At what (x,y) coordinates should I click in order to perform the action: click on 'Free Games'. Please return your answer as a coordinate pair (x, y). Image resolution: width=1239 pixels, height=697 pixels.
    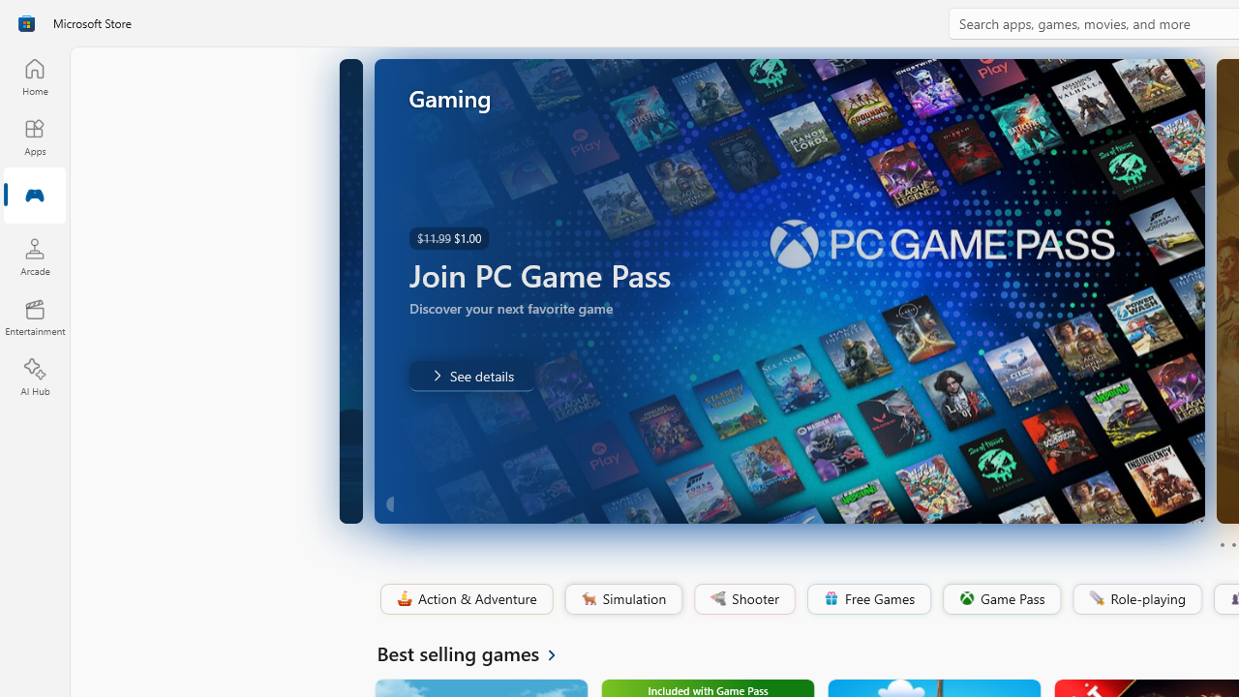
    Looking at the image, I should click on (867, 598).